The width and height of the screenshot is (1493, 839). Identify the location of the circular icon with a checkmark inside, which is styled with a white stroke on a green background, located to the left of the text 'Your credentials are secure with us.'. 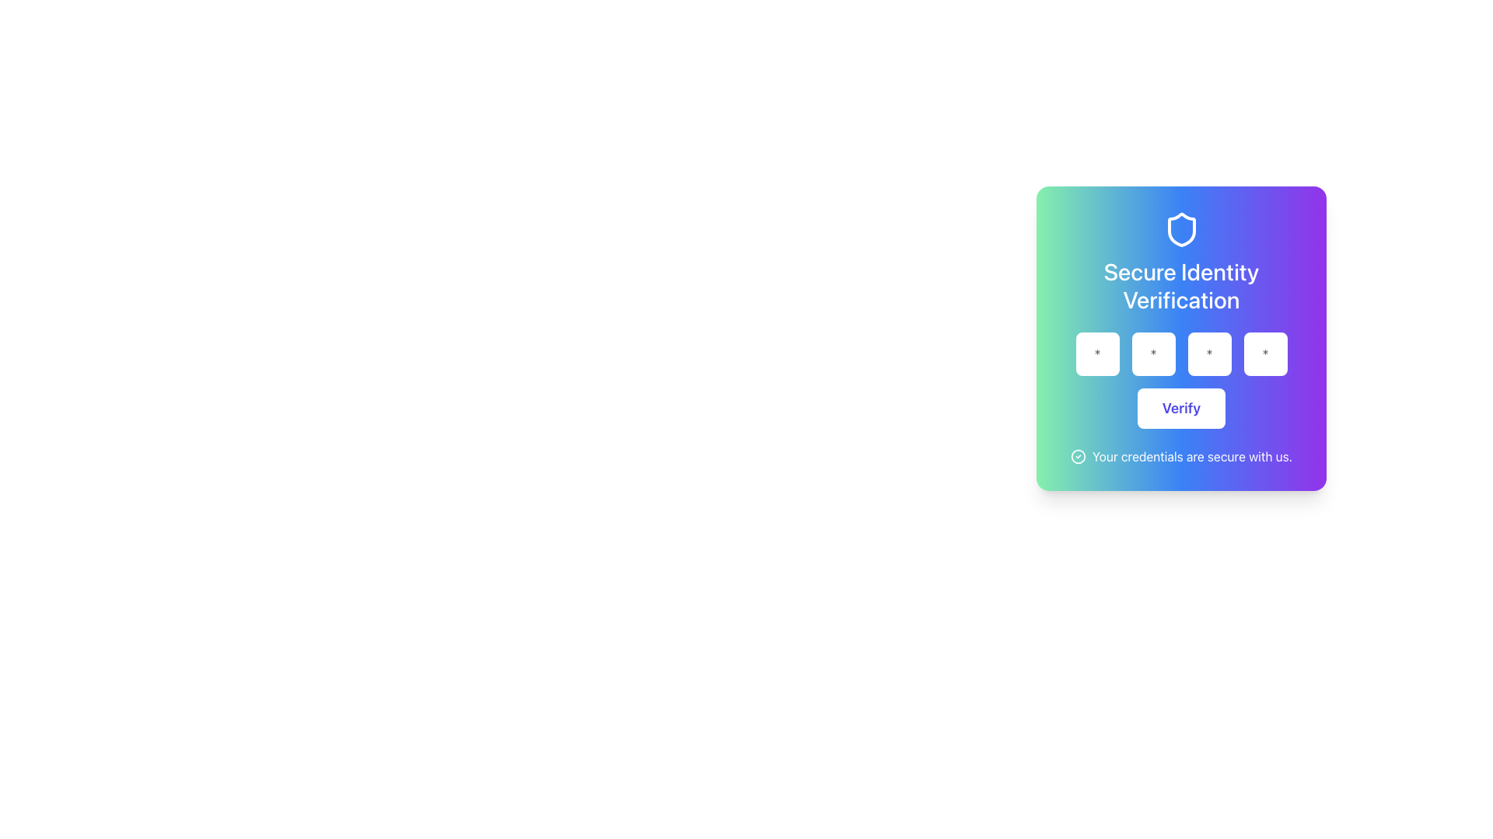
(1077, 455).